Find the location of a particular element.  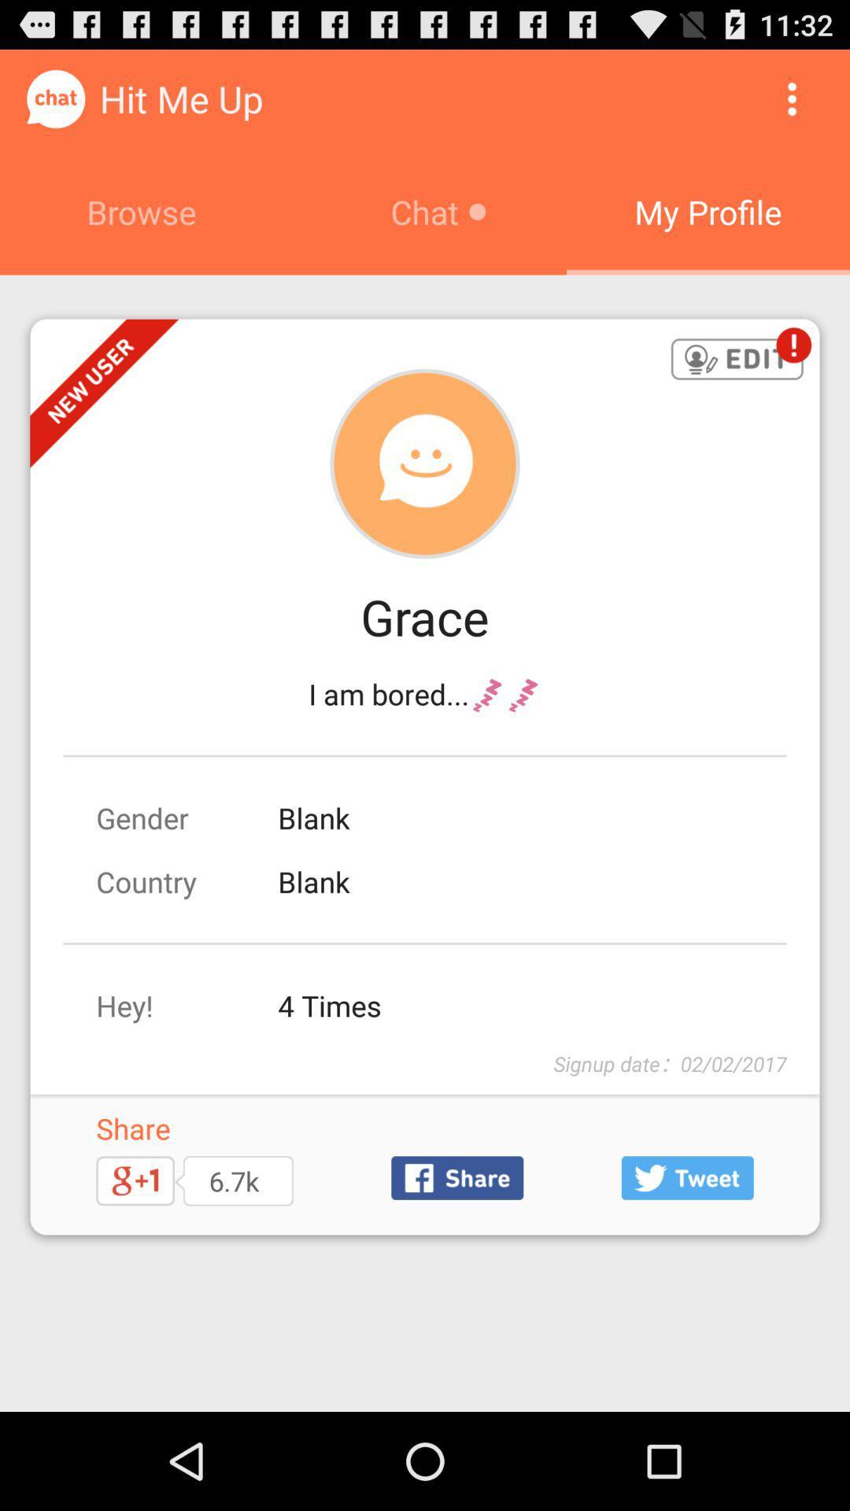

share on twitter is located at coordinates (686, 1178).